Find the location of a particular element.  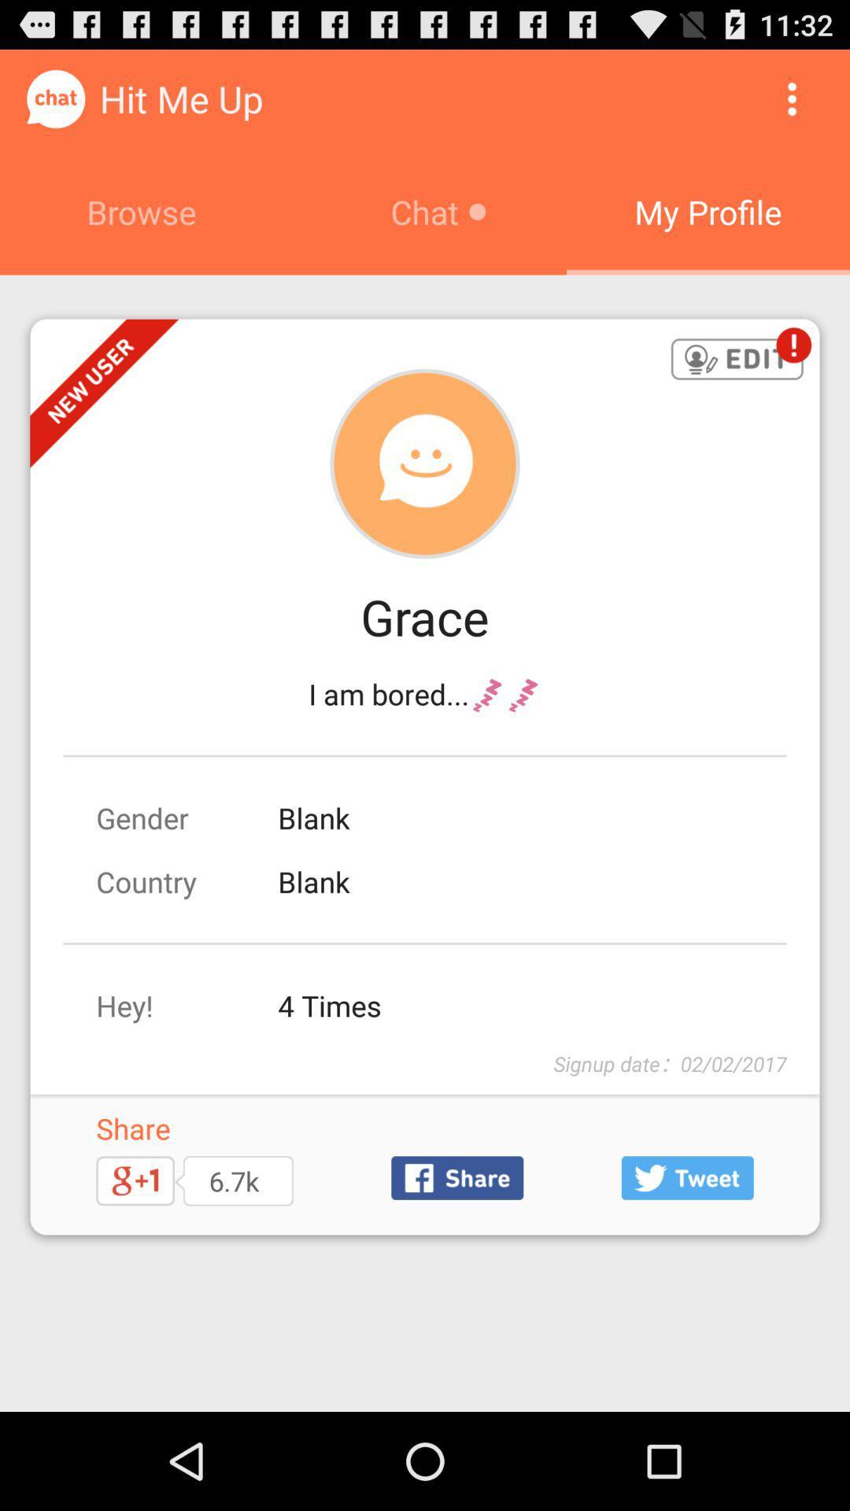

share on twitter is located at coordinates (686, 1178).